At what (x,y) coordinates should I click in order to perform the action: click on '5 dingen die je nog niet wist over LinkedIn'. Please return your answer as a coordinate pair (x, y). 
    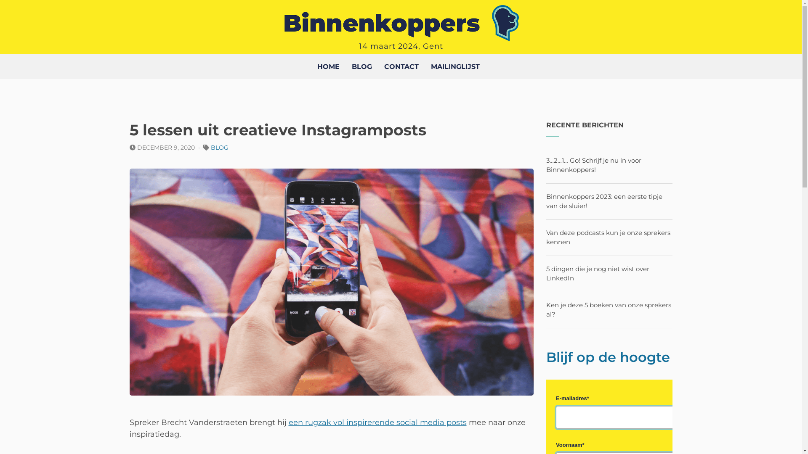
    Looking at the image, I should click on (597, 274).